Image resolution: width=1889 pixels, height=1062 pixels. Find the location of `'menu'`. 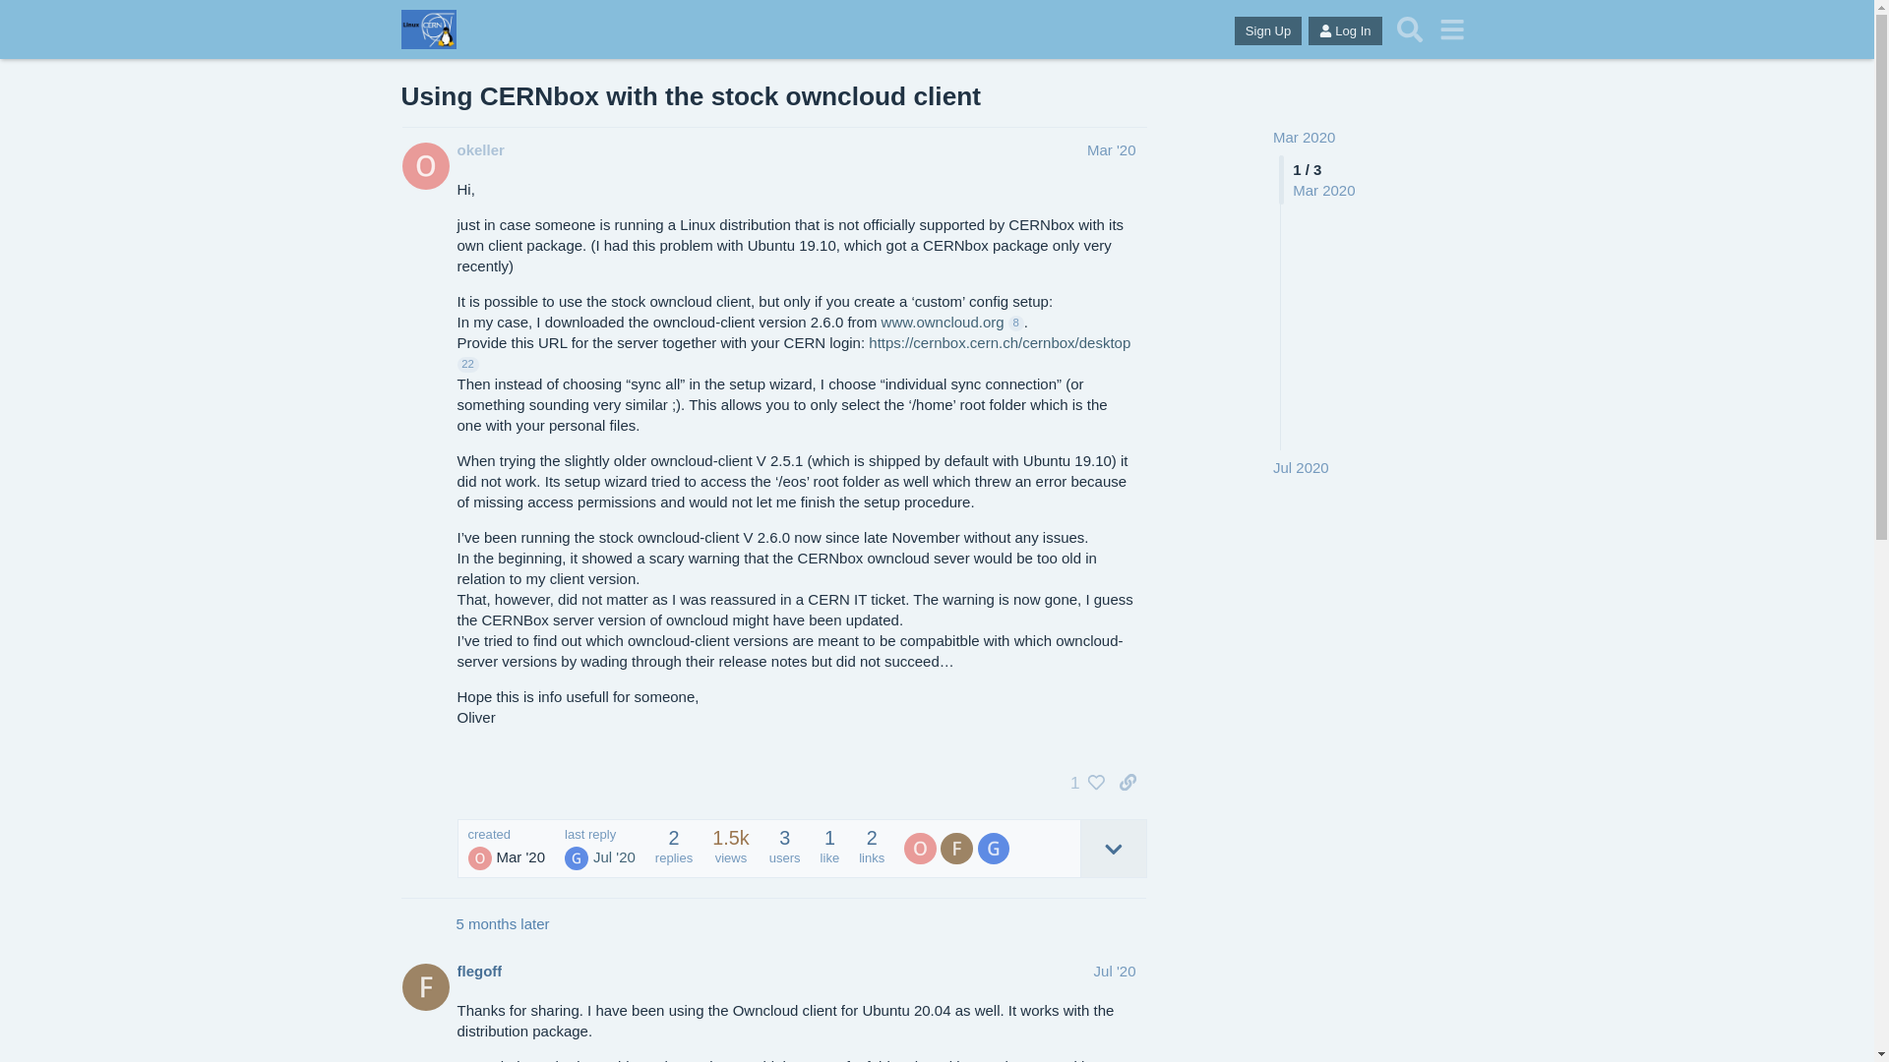

'menu' is located at coordinates (1452, 29).